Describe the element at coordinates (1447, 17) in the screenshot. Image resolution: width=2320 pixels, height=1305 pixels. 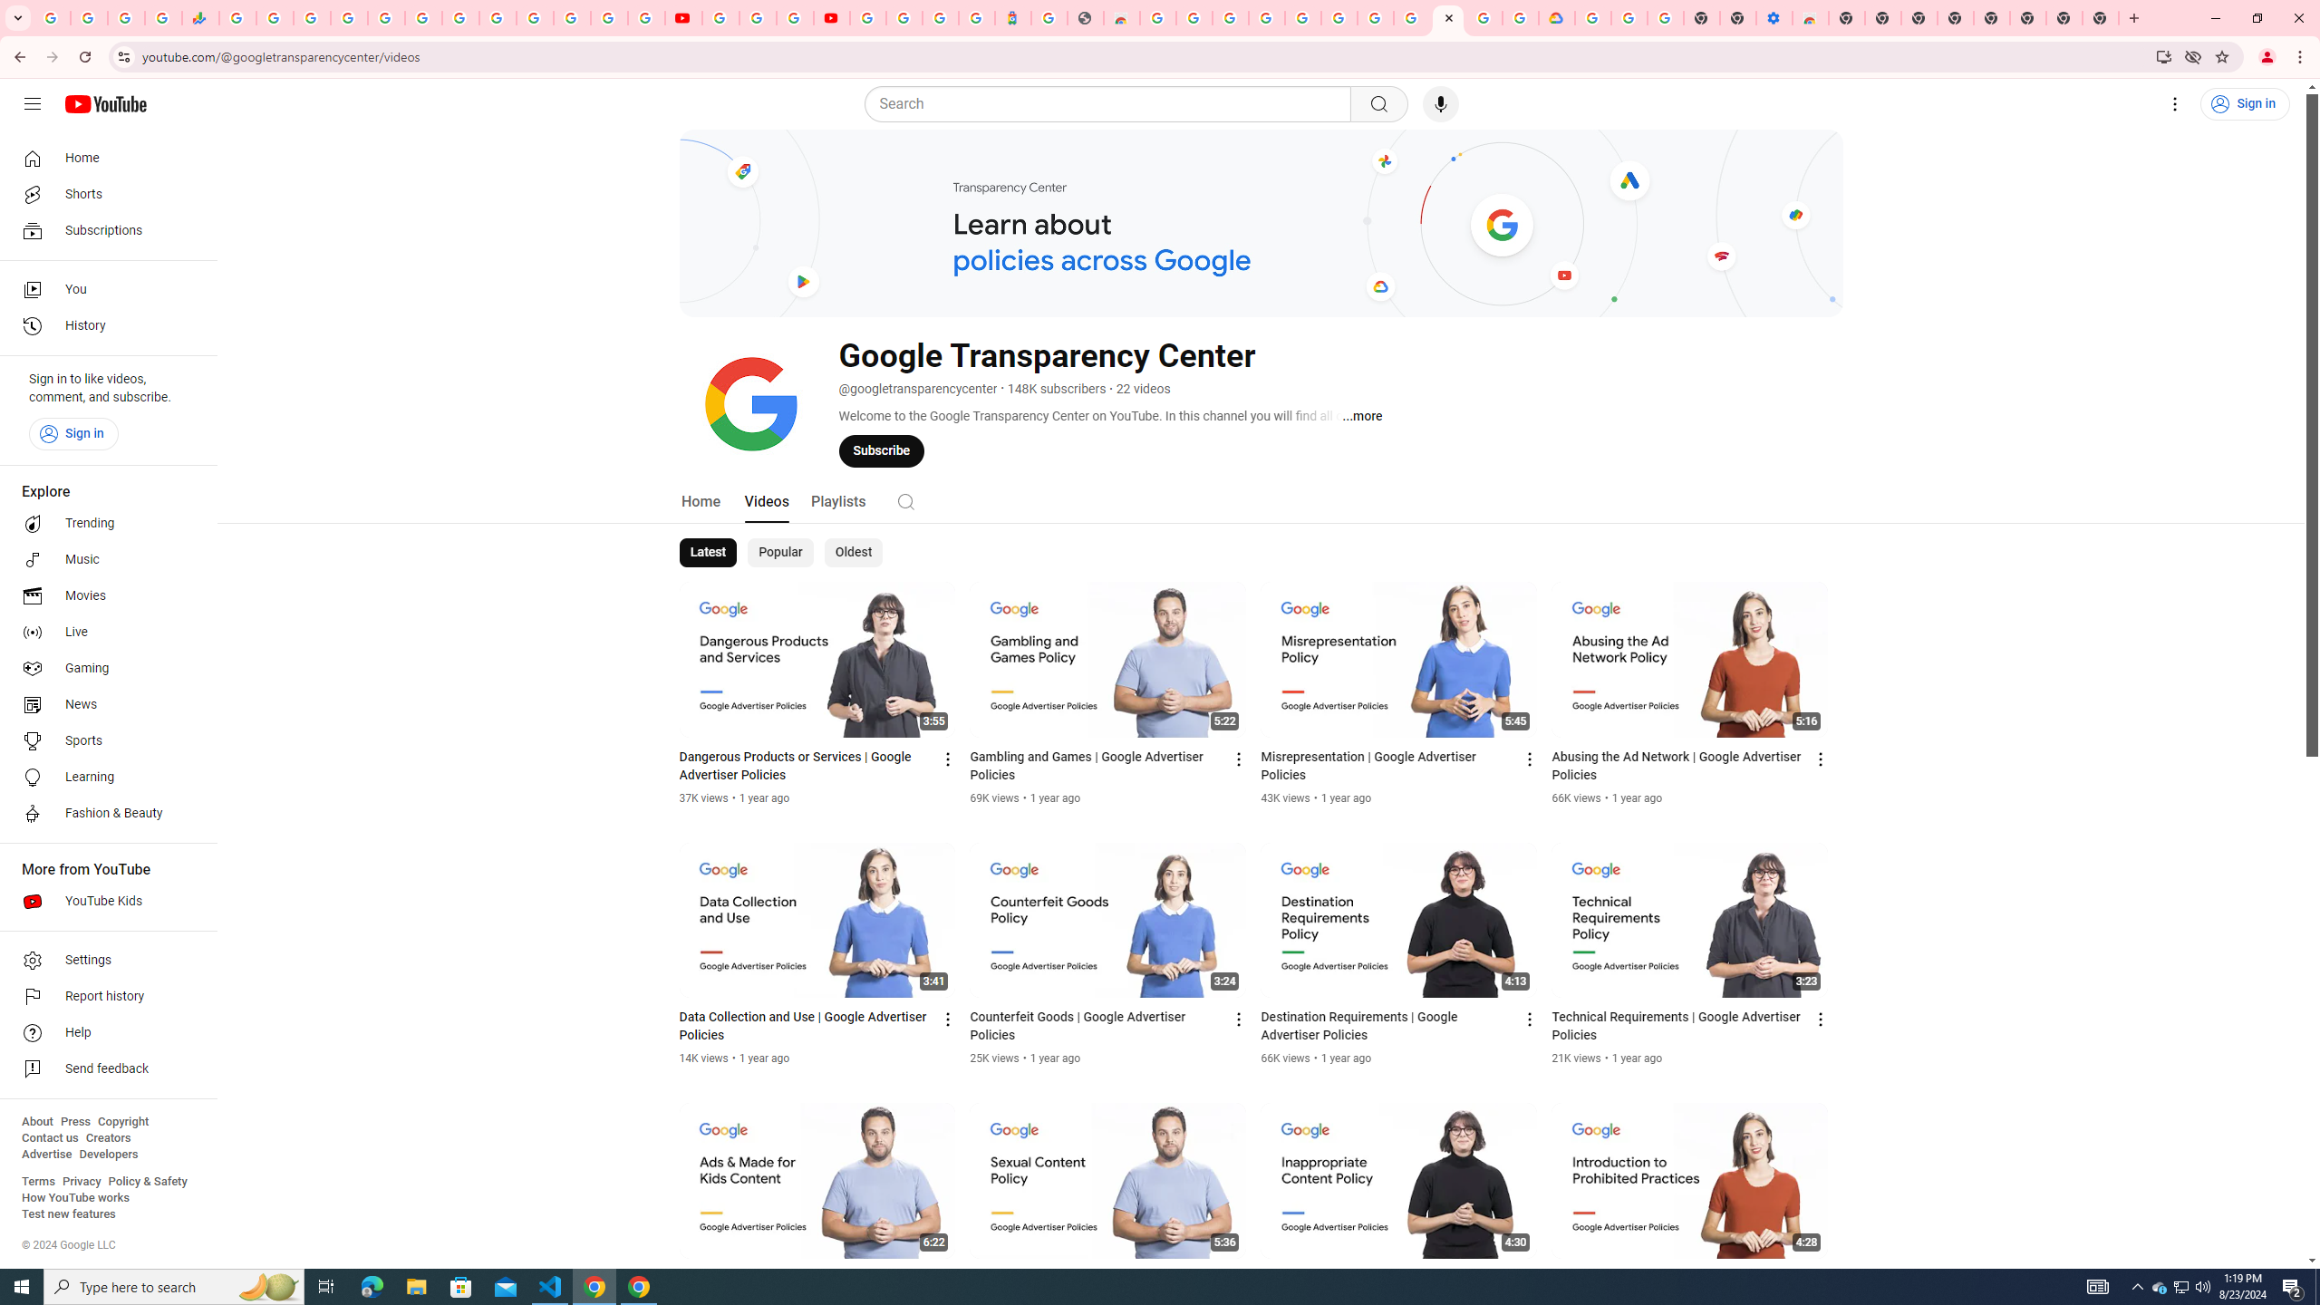
I see `'Google Transparency Center - YouTube'` at that location.